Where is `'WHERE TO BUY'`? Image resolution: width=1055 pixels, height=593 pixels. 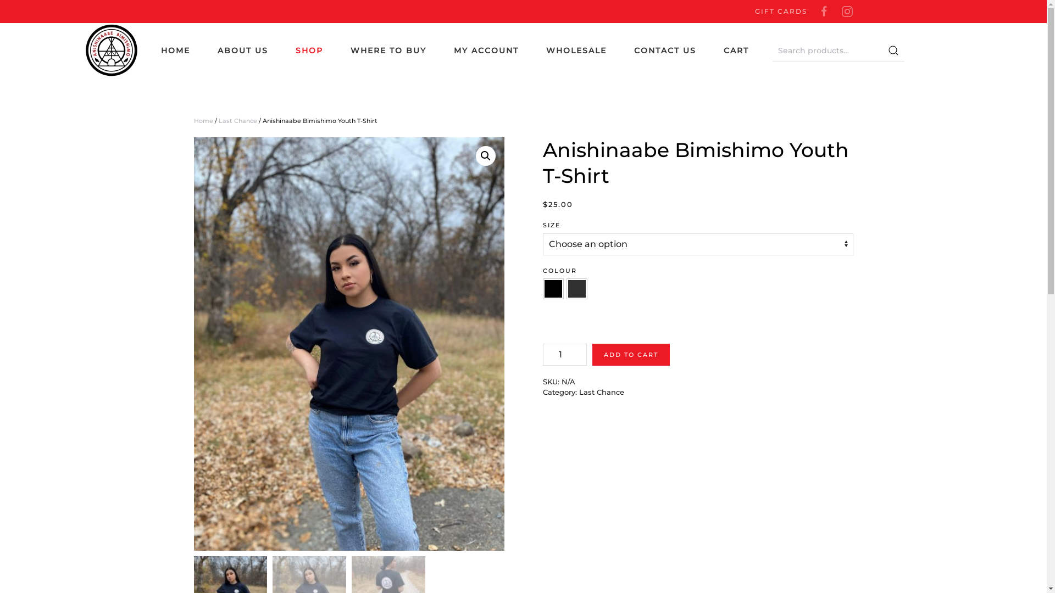
'WHERE TO BUY' is located at coordinates (388, 51).